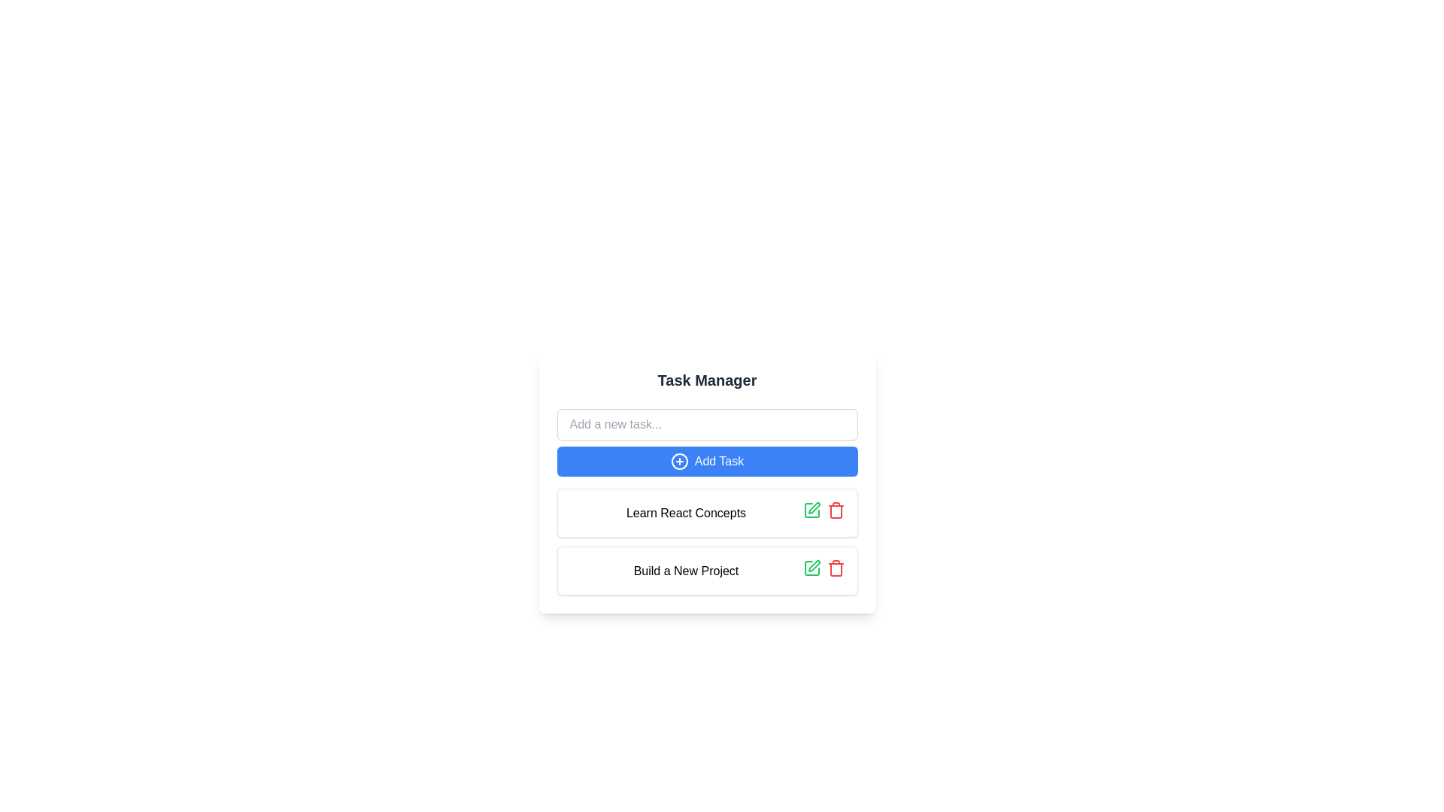 The image size is (1444, 812). What do you see at coordinates (678, 460) in the screenshot?
I see `the circular blue outlined icon with a '+' symbol, located within the 'Add Task' button, to interact with the button` at bounding box center [678, 460].